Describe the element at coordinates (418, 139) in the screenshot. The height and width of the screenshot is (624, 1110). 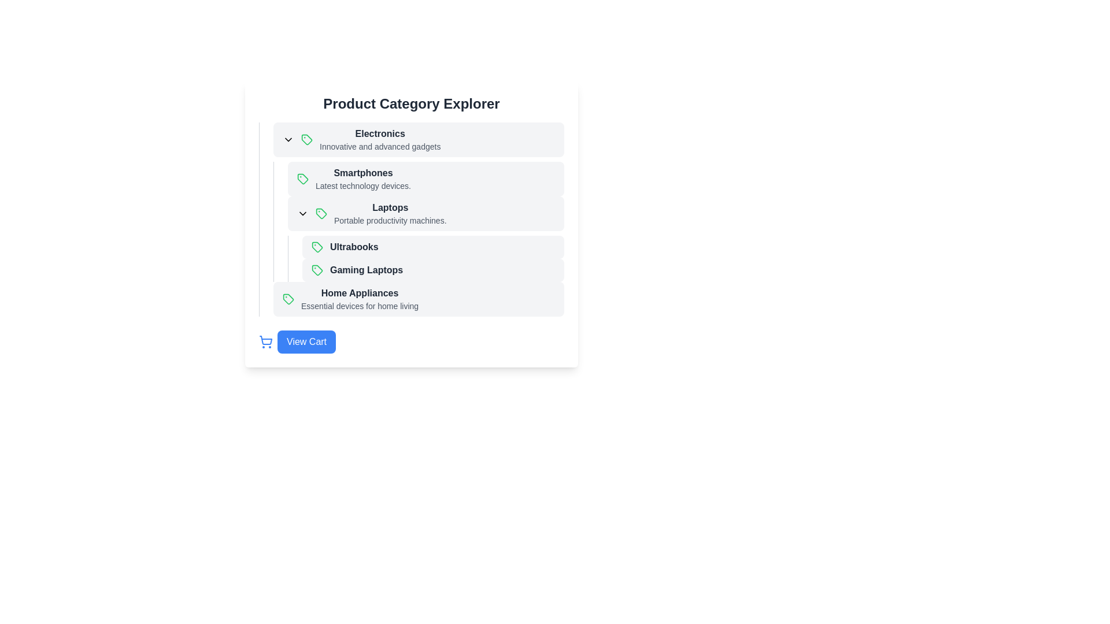
I see `the 'Electronics' list item with the expandable menu` at that location.